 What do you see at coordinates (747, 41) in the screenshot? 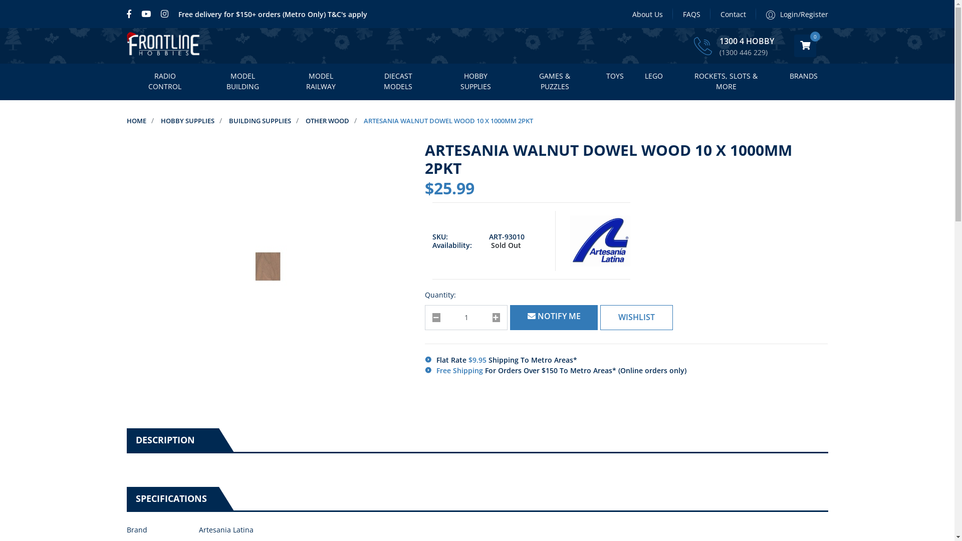
I see `'1300 4 HOBBY'` at bounding box center [747, 41].